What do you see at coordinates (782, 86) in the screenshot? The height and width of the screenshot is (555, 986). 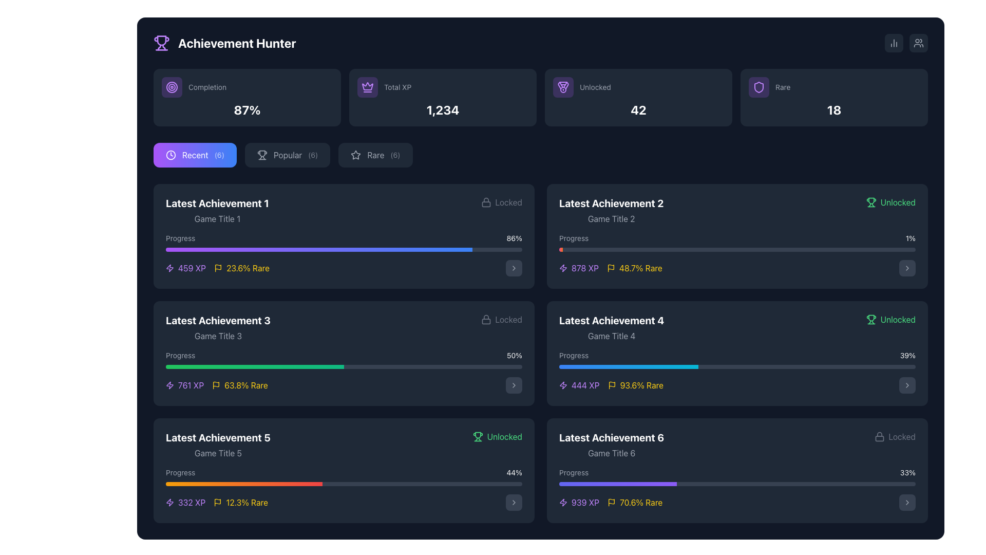 I see `the Text Label indicating the rarity of a feature or achievement, located in the fourth column of the top row within the card interface, to read the text` at bounding box center [782, 86].